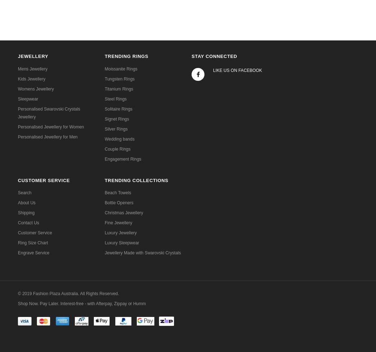 This screenshot has width=376, height=352. Describe the element at coordinates (116, 128) in the screenshot. I see `'Silver Rings'` at that location.